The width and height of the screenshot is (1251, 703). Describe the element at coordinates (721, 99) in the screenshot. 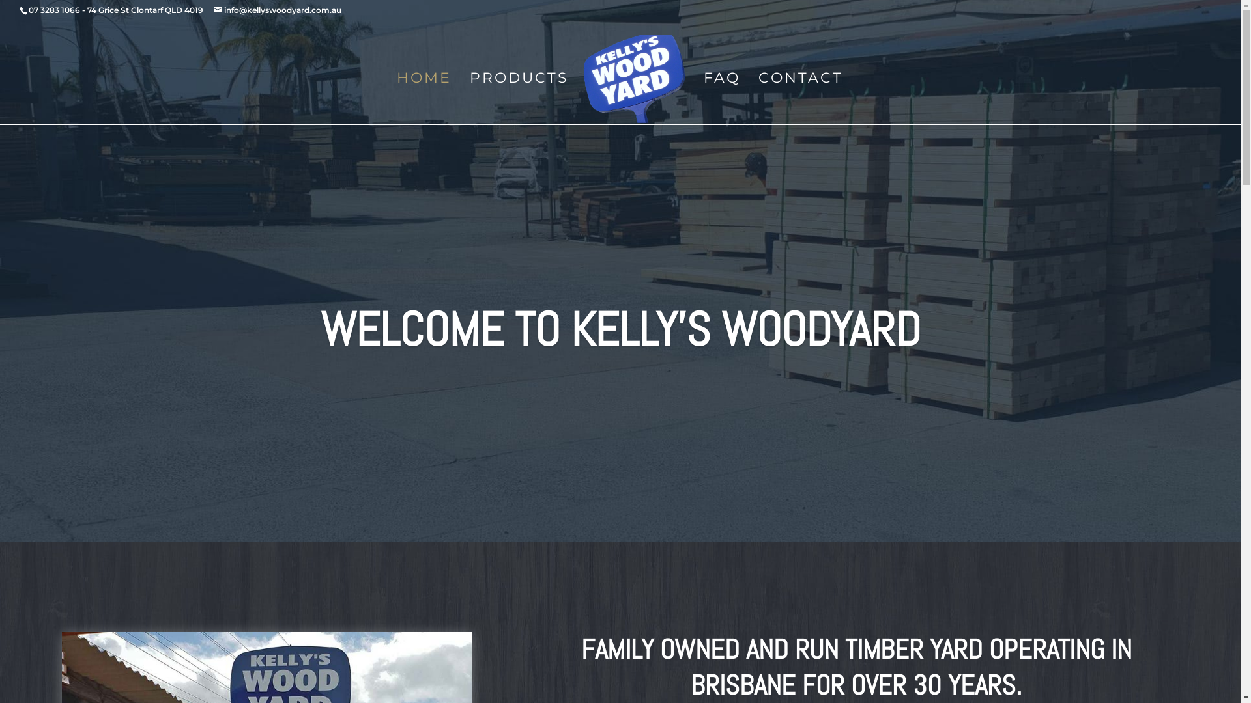

I see `'FAQ'` at that location.